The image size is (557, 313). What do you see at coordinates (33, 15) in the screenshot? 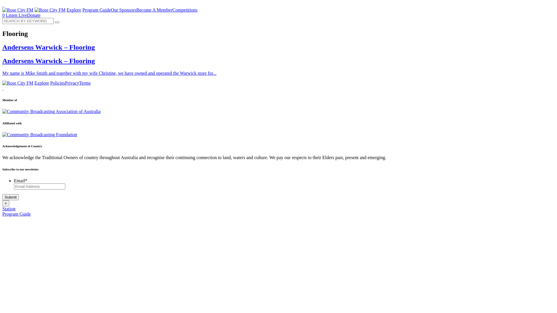
I see `'Donate'` at bounding box center [33, 15].